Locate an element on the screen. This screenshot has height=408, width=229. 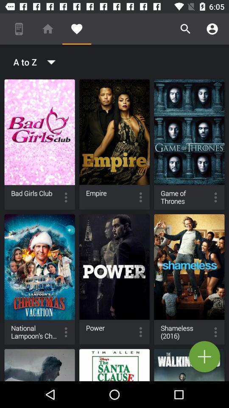
a to z item is located at coordinates (31, 61).